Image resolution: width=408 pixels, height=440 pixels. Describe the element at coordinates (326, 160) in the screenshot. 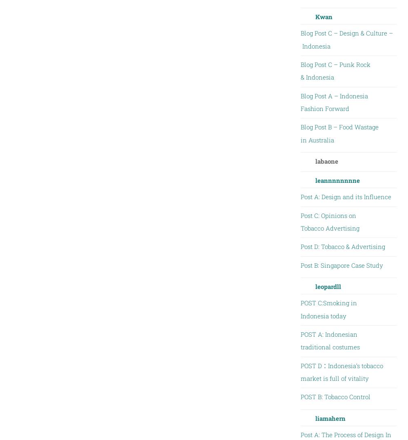

I see `'labaone'` at that location.